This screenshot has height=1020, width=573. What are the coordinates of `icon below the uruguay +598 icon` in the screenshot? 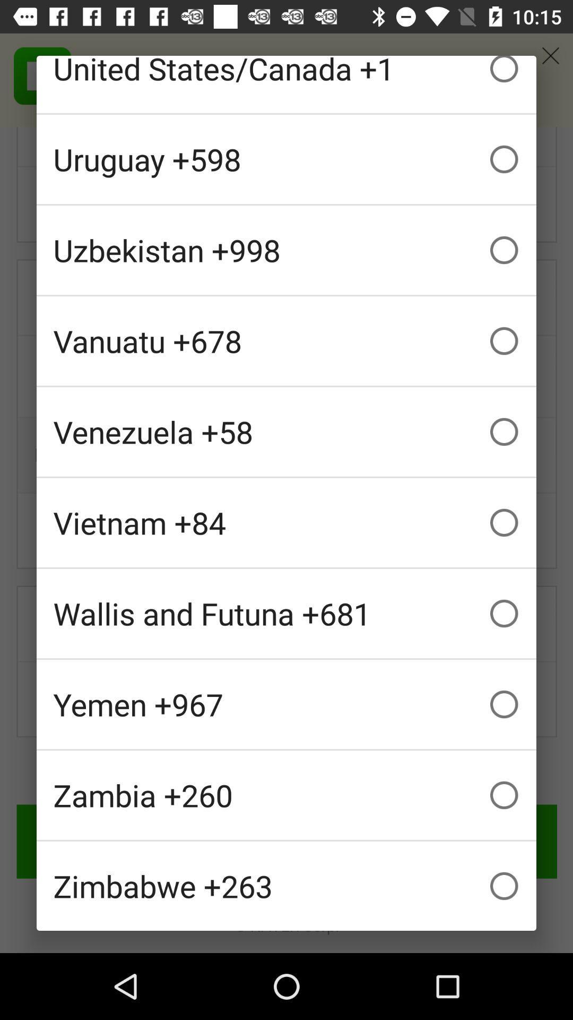 It's located at (286, 249).